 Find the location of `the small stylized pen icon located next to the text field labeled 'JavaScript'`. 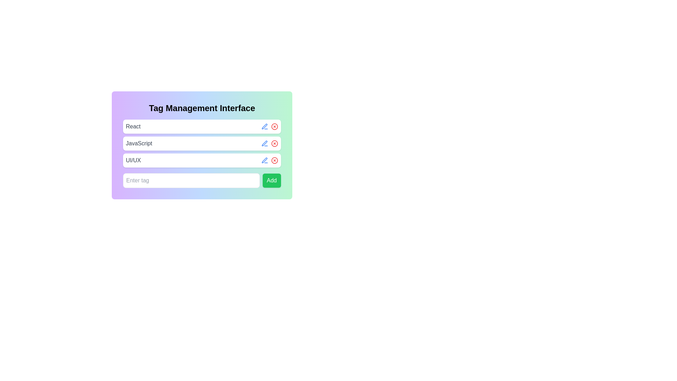

the small stylized pen icon located next to the text field labeled 'JavaScript' is located at coordinates (264, 126).